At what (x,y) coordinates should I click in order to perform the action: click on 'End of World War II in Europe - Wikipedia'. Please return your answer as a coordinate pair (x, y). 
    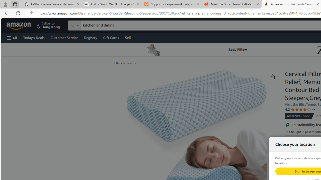
    Looking at the image, I should click on (111, 4).